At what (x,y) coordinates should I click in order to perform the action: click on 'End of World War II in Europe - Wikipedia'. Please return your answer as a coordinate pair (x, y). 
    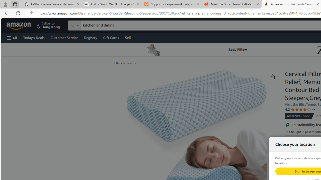
    Looking at the image, I should click on (111, 4).